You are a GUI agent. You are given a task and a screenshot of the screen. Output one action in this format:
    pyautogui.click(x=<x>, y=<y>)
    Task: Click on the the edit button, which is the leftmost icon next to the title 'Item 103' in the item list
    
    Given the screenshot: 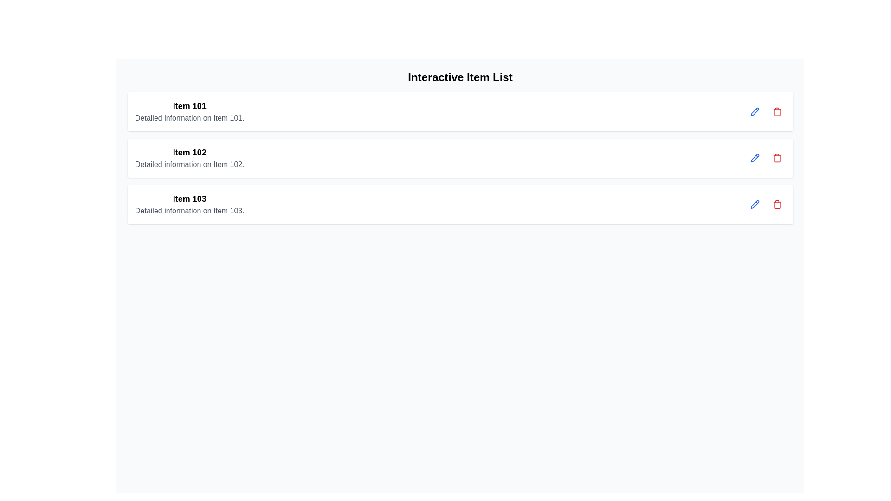 What is the action you would take?
    pyautogui.click(x=755, y=204)
    